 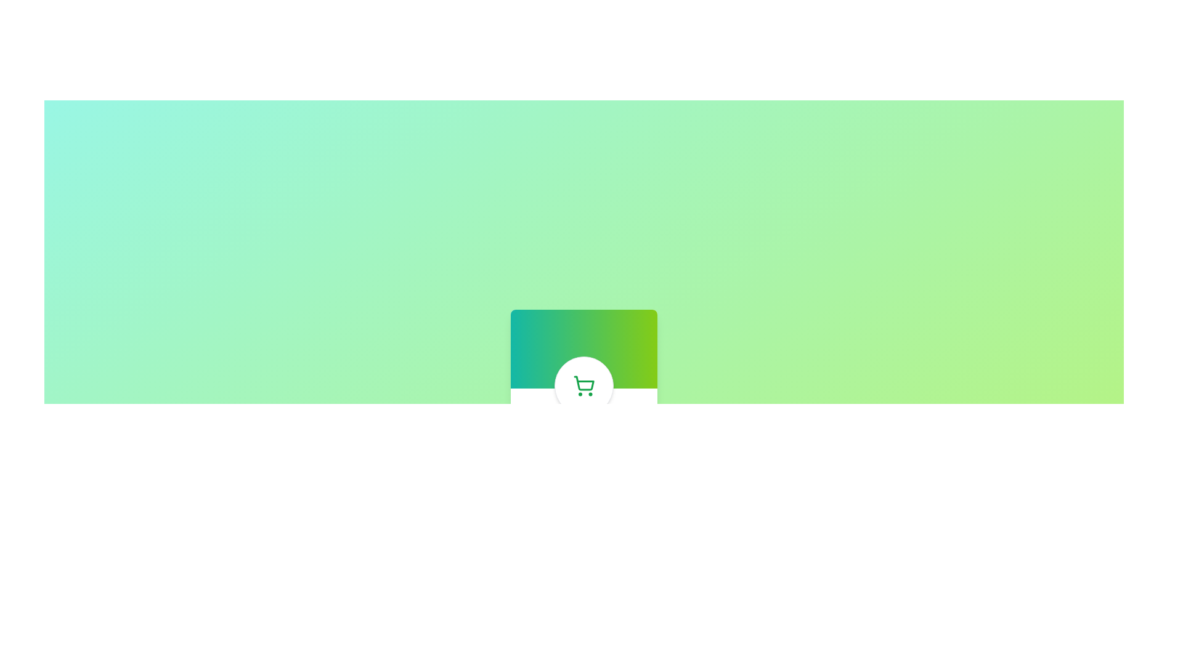 I want to click on the circular white icon displaying a green shopping cart, so click(x=583, y=385).